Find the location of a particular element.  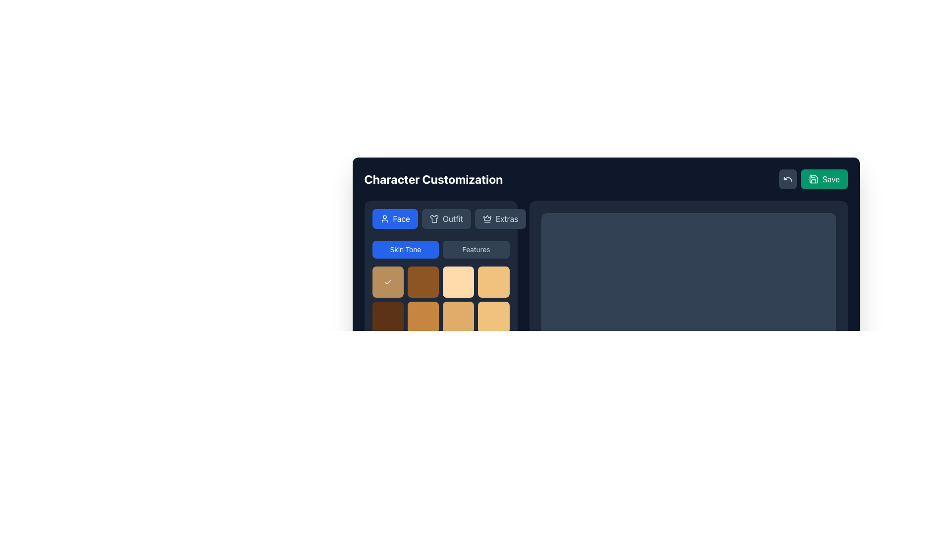

the 'Outfit' text label, which is displayed in a light font color on a dark rectangular background is located at coordinates (452, 218).